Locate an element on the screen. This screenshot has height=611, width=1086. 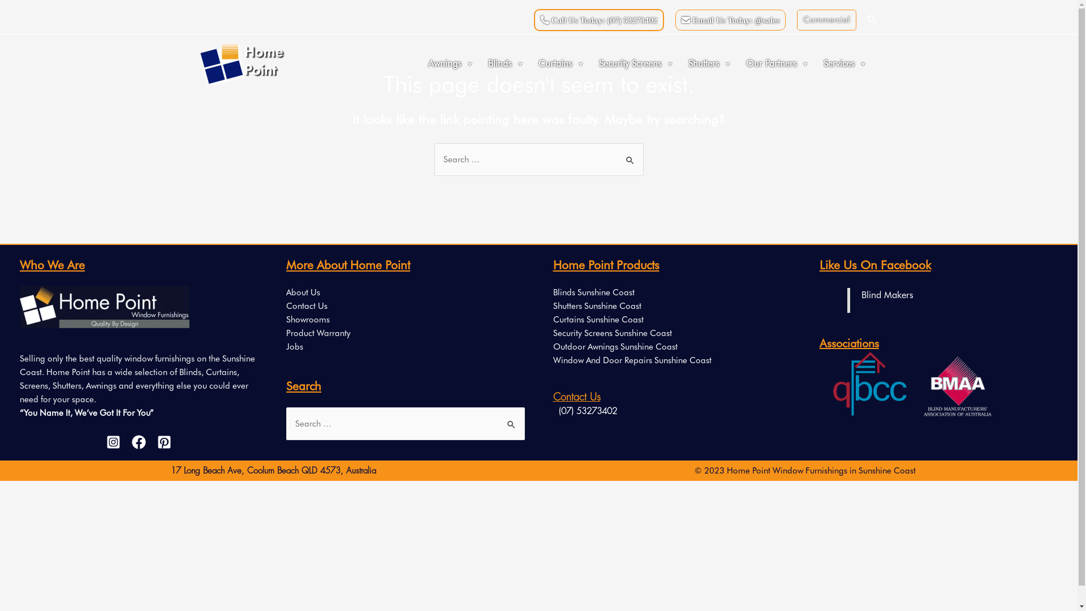
'Call Us Today: (07) 53273402' is located at coordinates (598, 20).